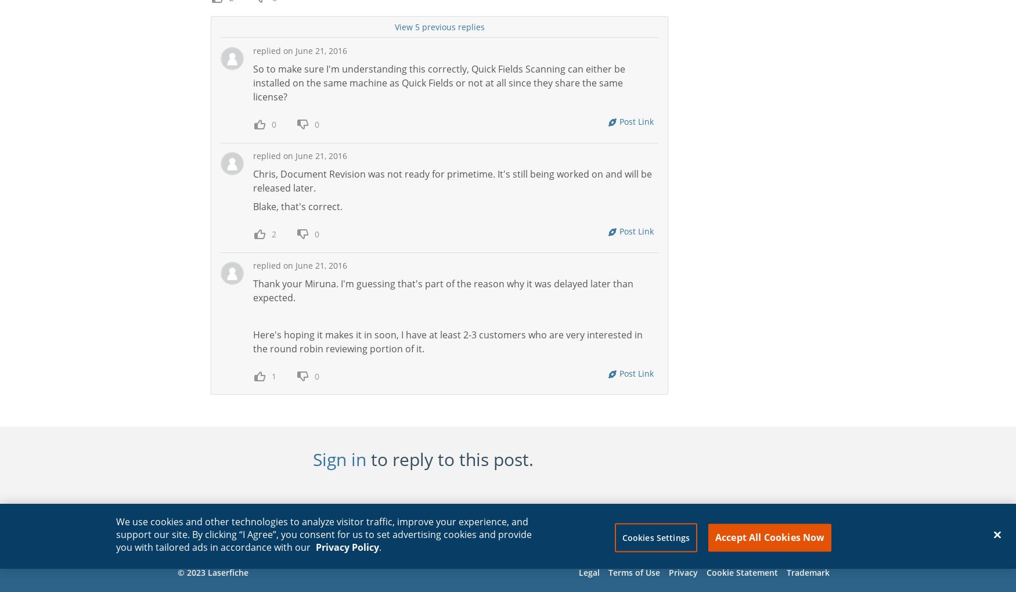 This screenshot has height=592, width=1016. Describe the element at coordinates (438, 27) in the screenshot. I see `'View 5 previous replies'` at that location.